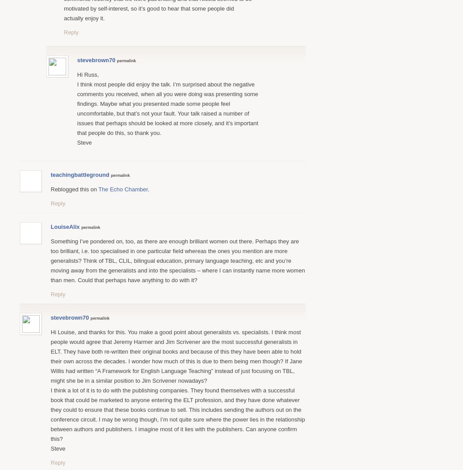 The height and width of the screenshot is (470, 463). Describe the element at coordinates (122, 189) in the screenshot. I see `'The Echo Chamber'` at that location.